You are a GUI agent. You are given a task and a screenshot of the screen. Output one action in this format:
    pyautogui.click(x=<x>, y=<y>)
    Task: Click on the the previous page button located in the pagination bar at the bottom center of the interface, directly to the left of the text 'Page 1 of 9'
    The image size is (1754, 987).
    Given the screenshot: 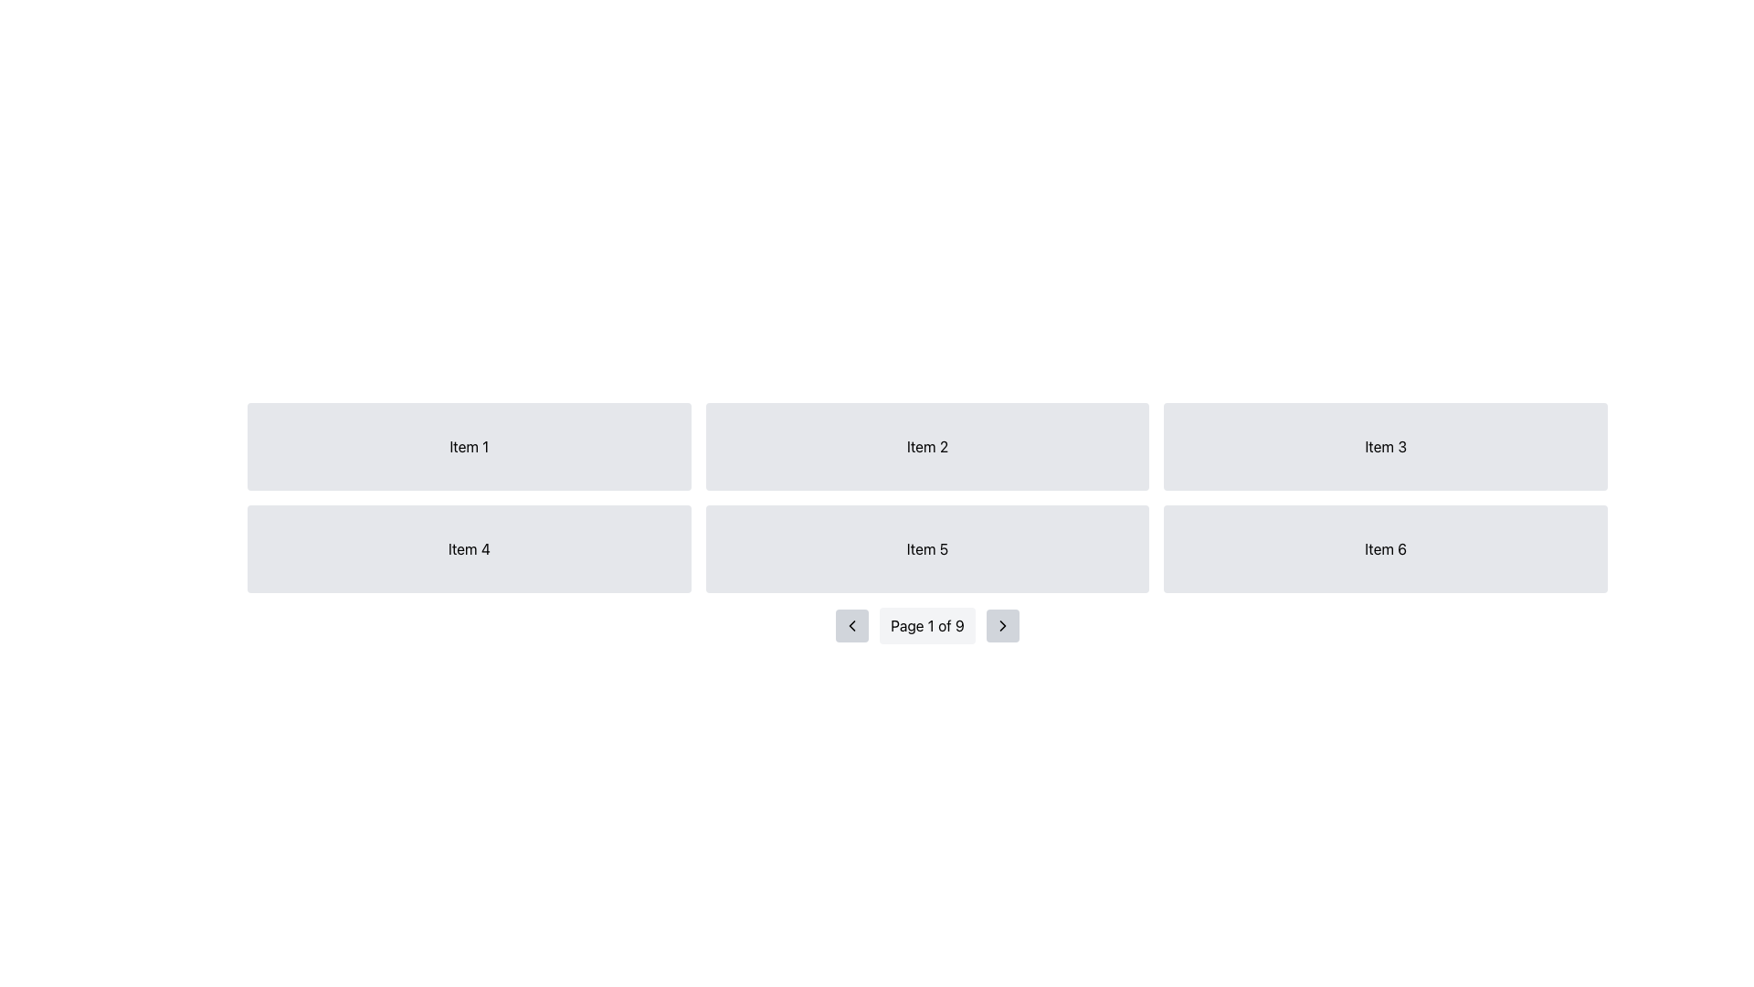 What is the action you would take?
    pyautogui.click(x=851, y=625)
    